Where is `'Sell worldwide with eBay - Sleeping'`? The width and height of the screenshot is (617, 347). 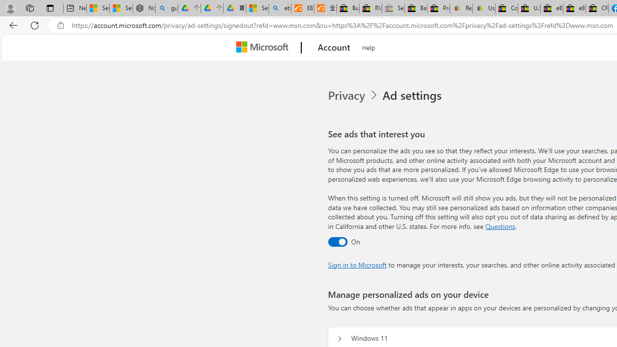
'Sell worldwide with eBay - Sleeping' is located at coordinates (393, 8).